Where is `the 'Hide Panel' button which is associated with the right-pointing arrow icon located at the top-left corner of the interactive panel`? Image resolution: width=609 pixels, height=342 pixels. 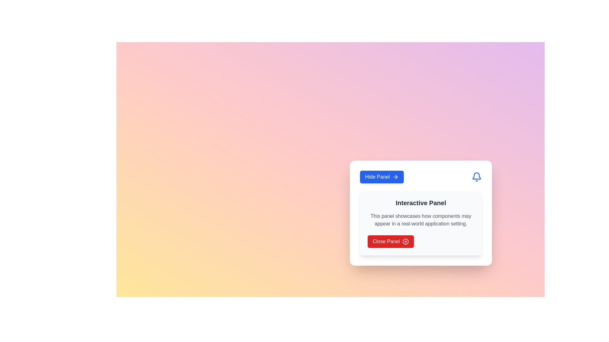 the 'Hide Panel' button which is associated with the right-pointing arrow icon located at the top-left corner of the interactive panel is located at coordinates (395, 177).